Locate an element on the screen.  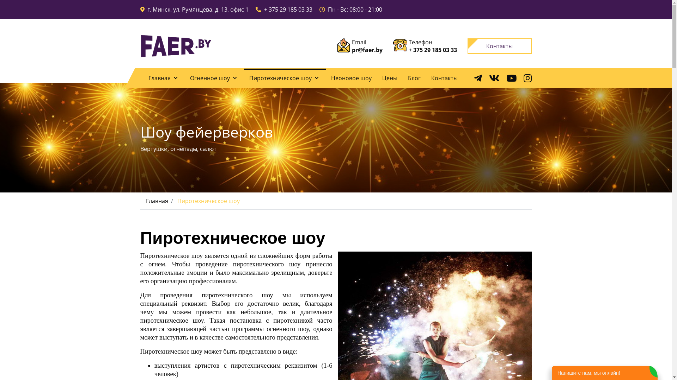
'+ 375 29 185 03 33' is located at coordinates (432, 50).